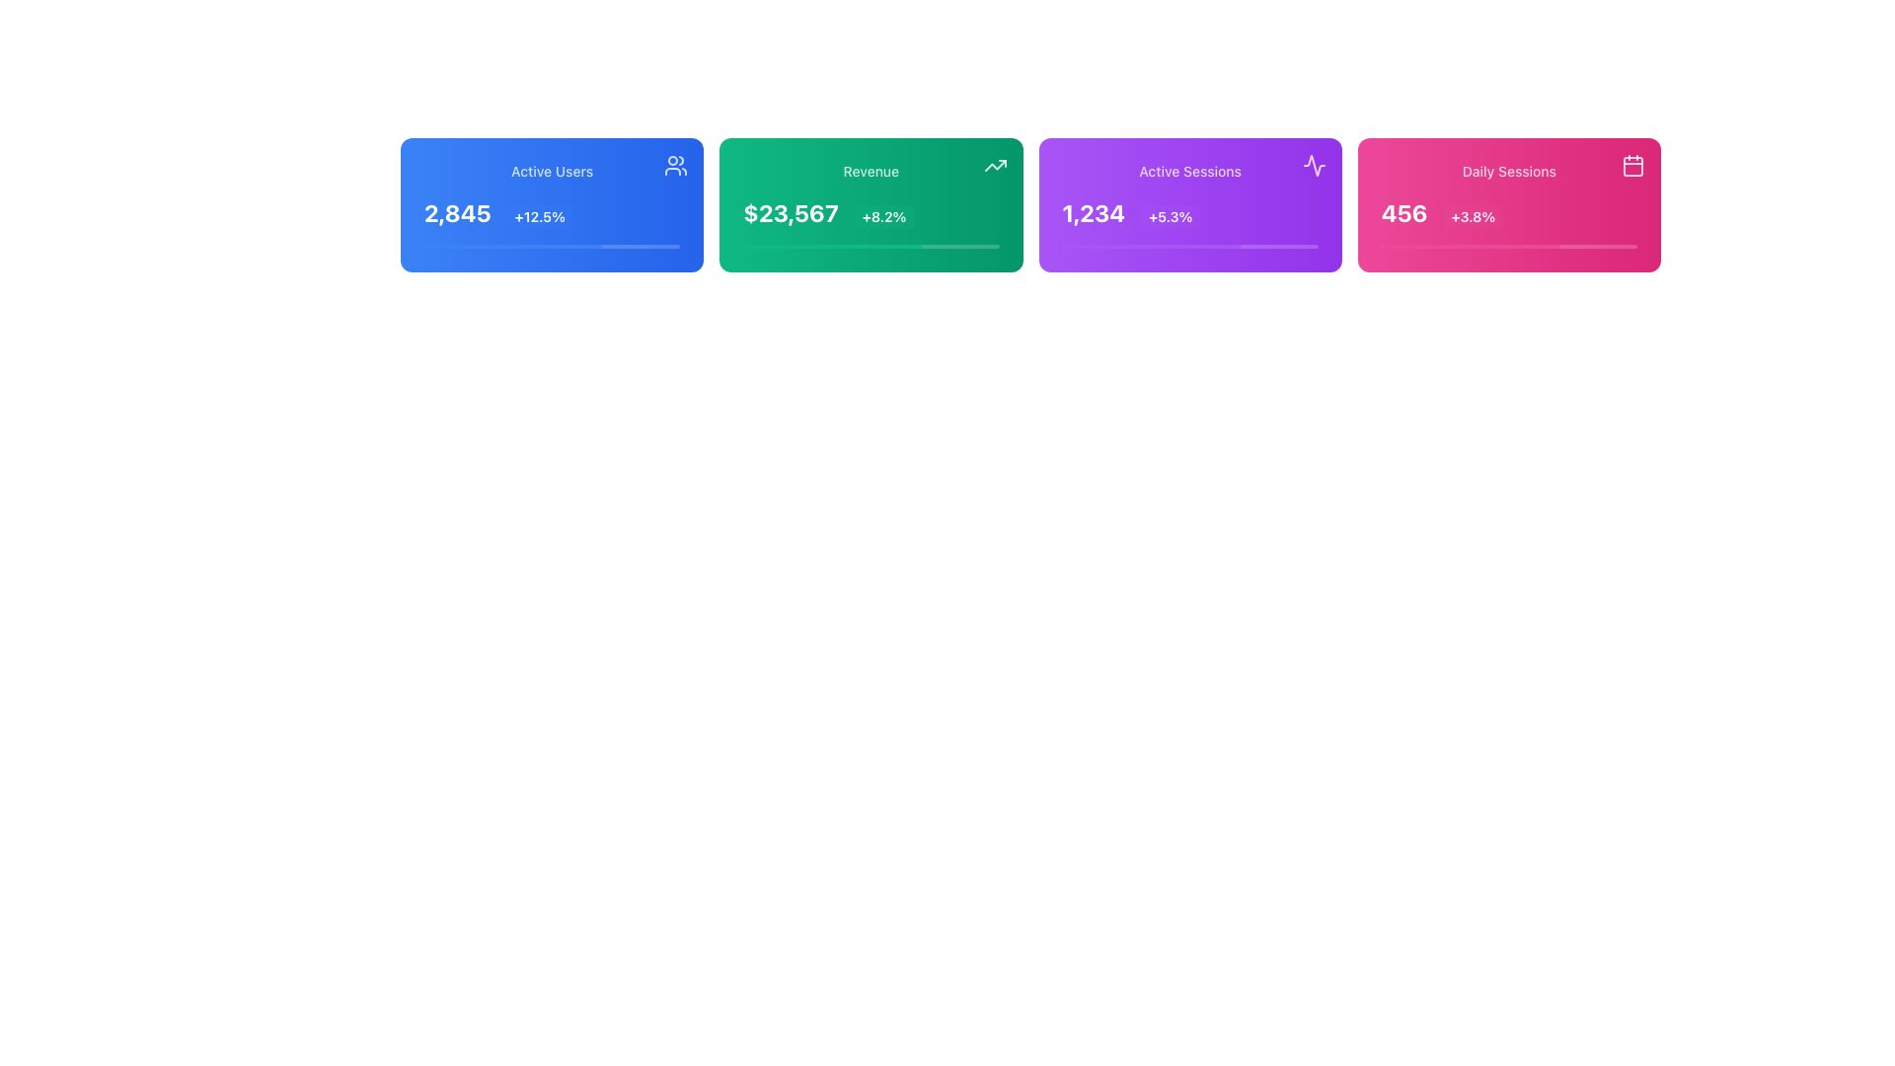 The width and height of the screenshot is (1895, 1066). What do you see at coordinates (1189, 170) in the screenshot?
I see `the information from the 'Active Sessions' text label` at bounding box center [1189, 170].